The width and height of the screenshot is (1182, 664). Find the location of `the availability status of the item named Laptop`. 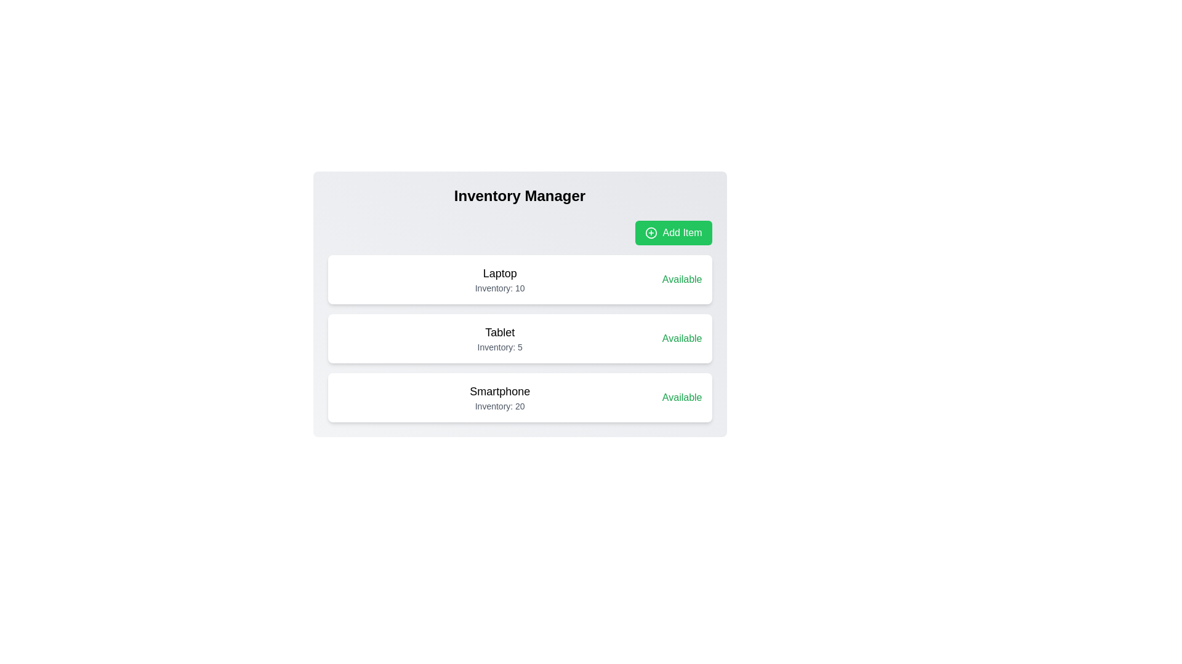

the availability status of the item named Laptop is located at coordinates (681, 280).